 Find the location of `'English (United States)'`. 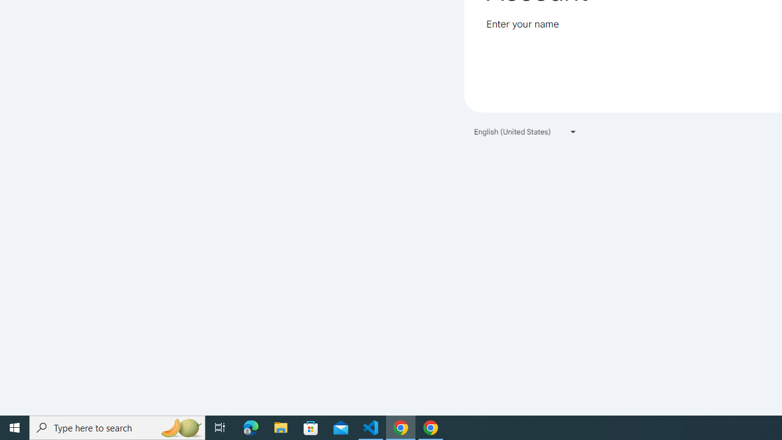

'English (United States)' is located at coordinates (525, 131).